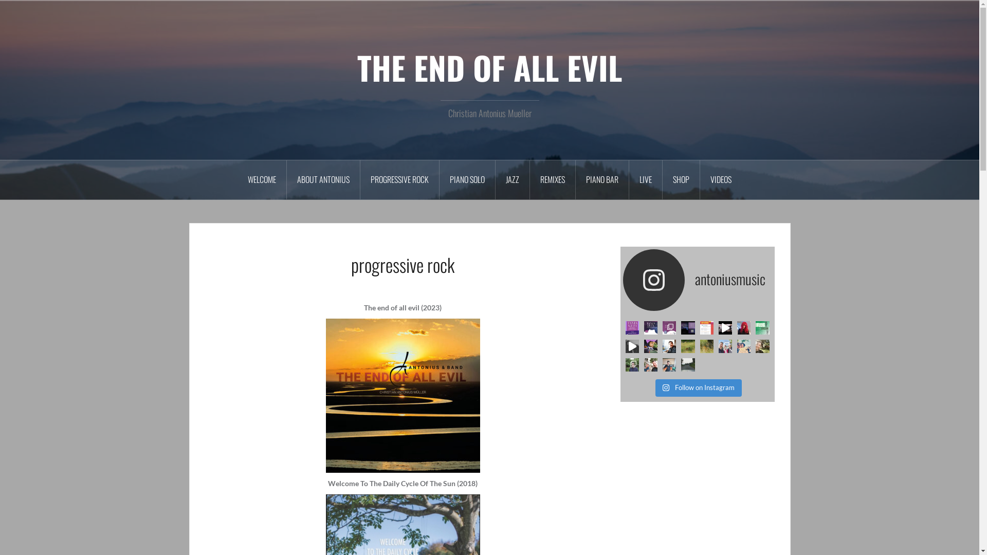 Image resolution: width=987 pixels, height=555 pixels. Describe the element at coordinates (467, 179) in the screenshot. I see `'PIANO SOLO'` at that location.